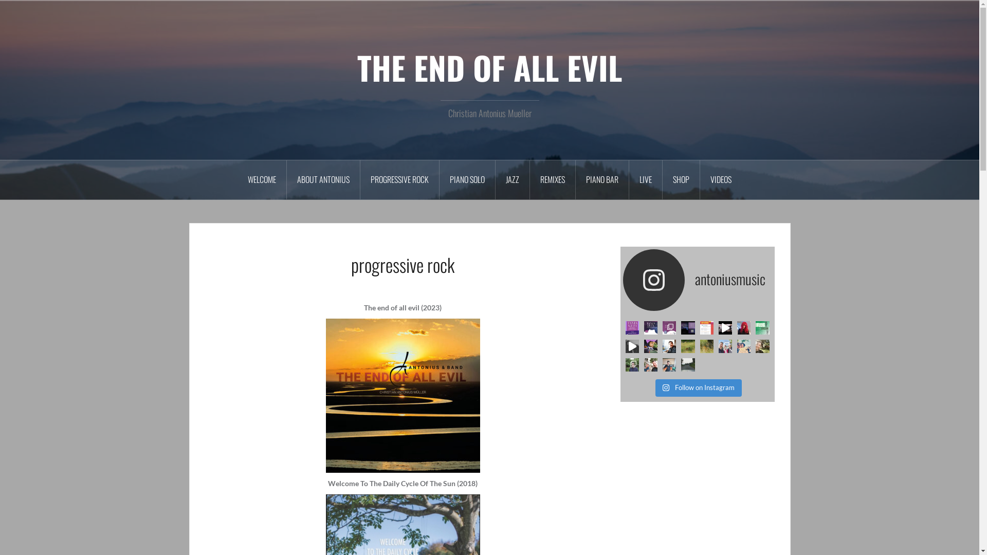 Image resolution: width=987 pixels, height=555 pixels. Describe the element at coordinates (467, 179) in the screenshot. I see `'PIANO SOLO'` at that location.